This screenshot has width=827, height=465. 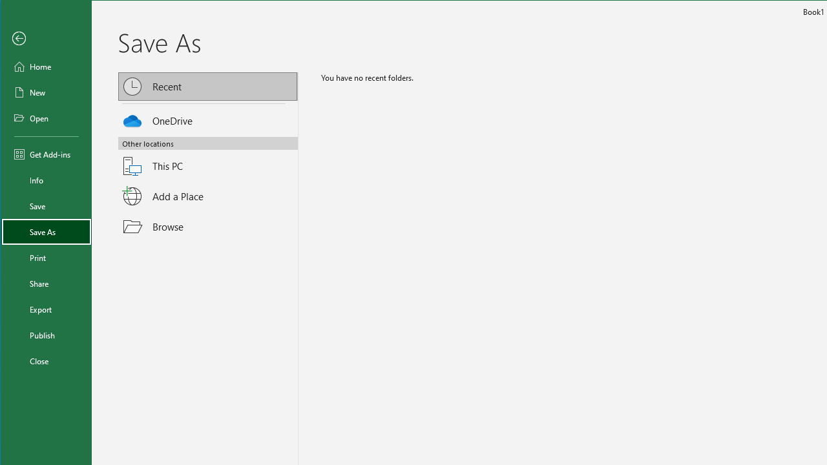 What do you see at coordinates (208, 196) in the screenshot?
I see `'Add a Place'` at bounding box center [208, 196].